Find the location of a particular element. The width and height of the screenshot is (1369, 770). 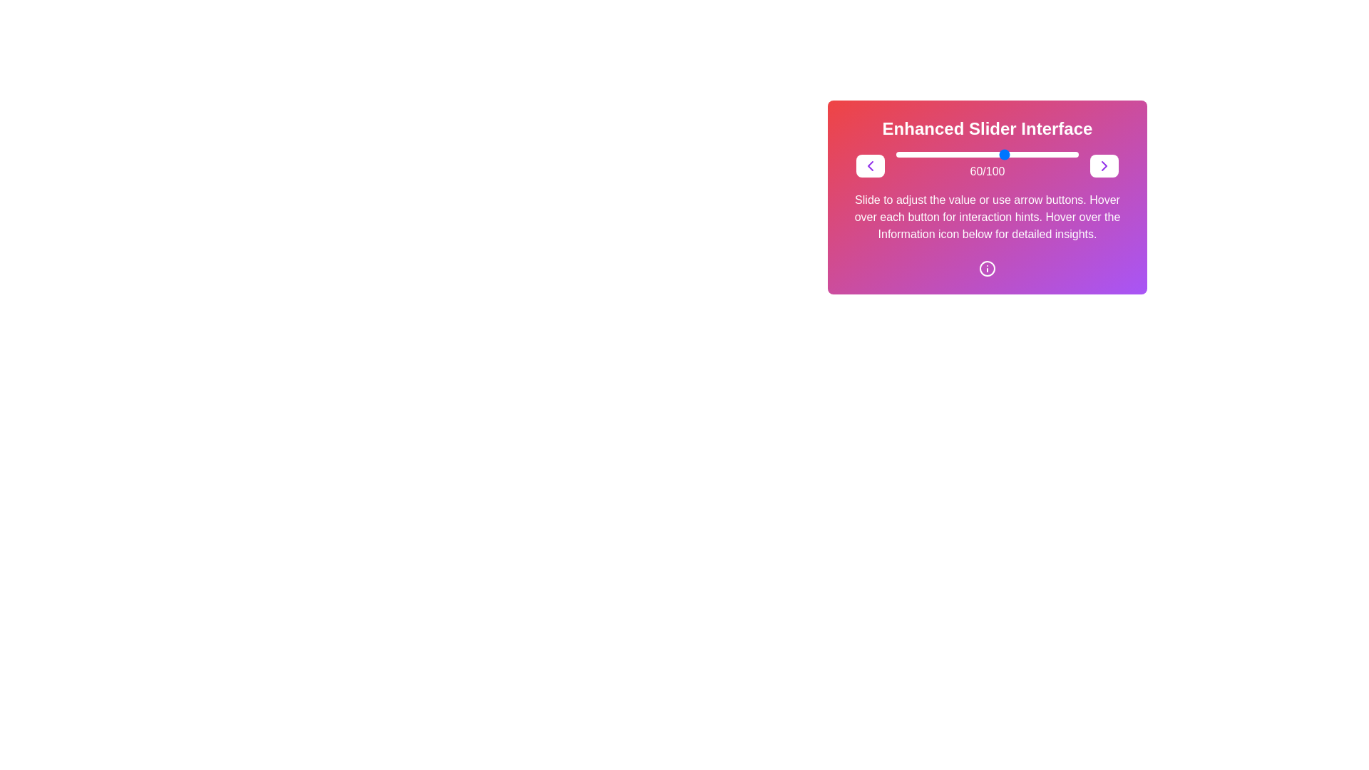

the slider is located at coordinates (1035, 154).